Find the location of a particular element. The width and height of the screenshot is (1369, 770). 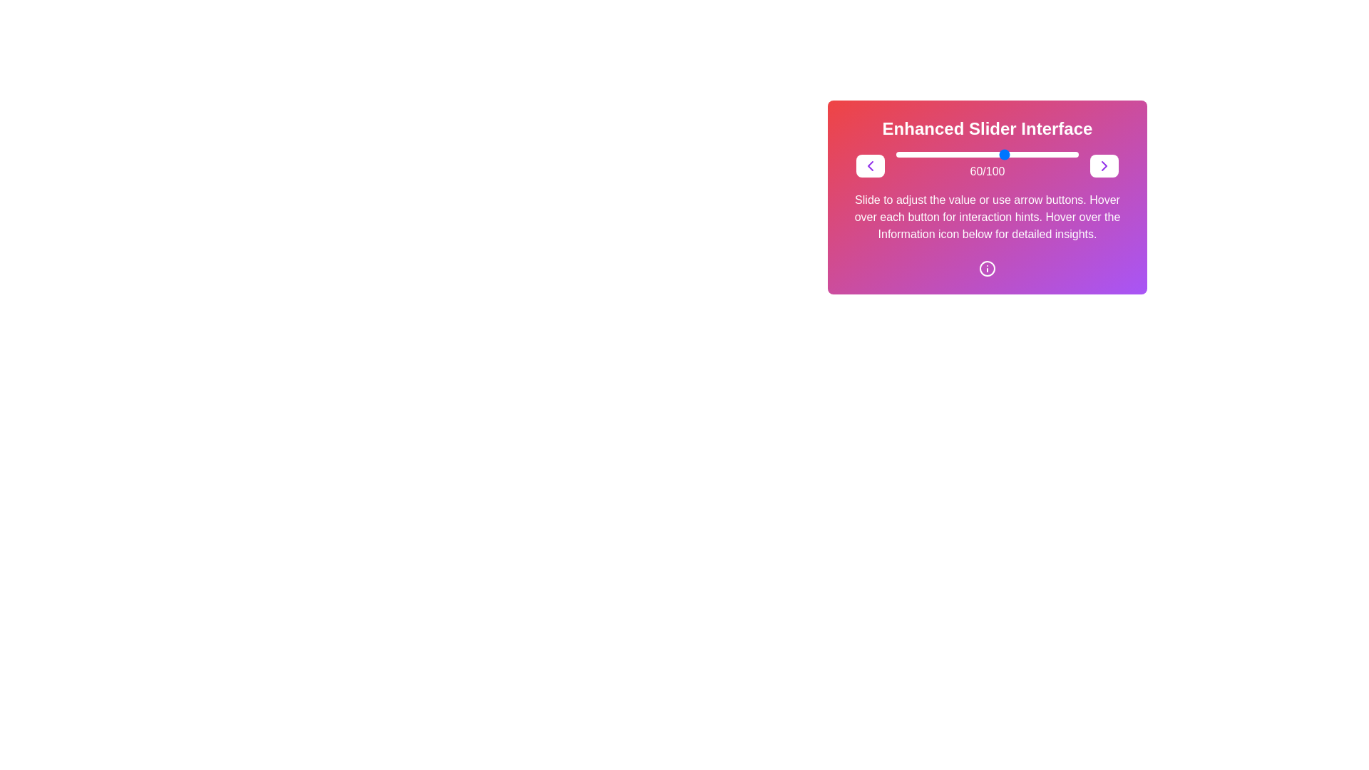

the slider is located at coordinates (1035, 154).